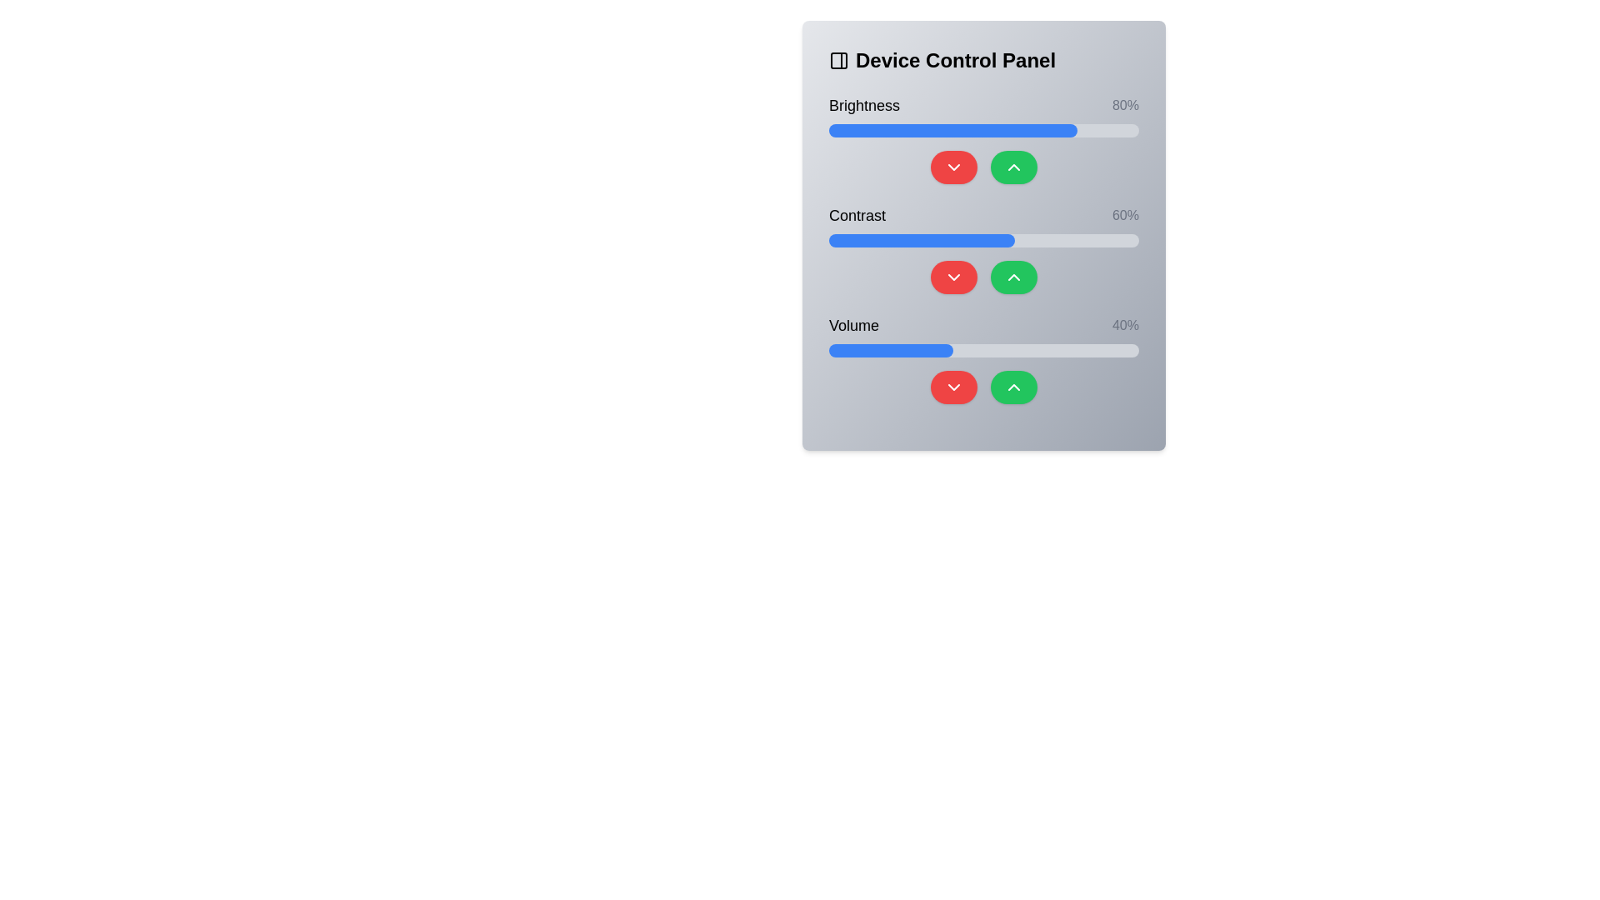  What do you see at coordinates (983, 349) in the screenshot?
I see `the Progress bar indicating 40% volume, located below the 'Volume' text and above the row of buttons` at bounding box center [983, 349].